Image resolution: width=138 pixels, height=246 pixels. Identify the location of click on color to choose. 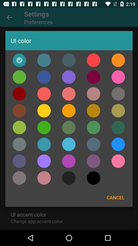
(69, 60).